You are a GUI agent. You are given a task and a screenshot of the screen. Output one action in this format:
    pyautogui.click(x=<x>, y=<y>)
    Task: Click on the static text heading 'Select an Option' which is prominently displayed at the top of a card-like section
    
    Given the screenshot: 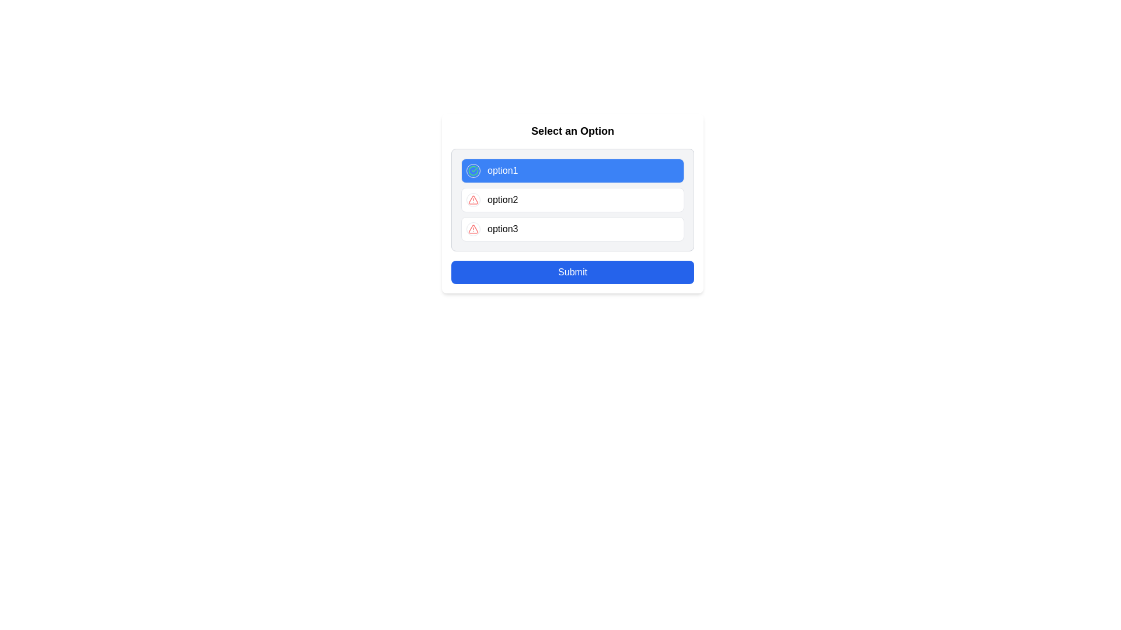 What is the action you would take?
    pyautogui.click(x=572, y=131)
    